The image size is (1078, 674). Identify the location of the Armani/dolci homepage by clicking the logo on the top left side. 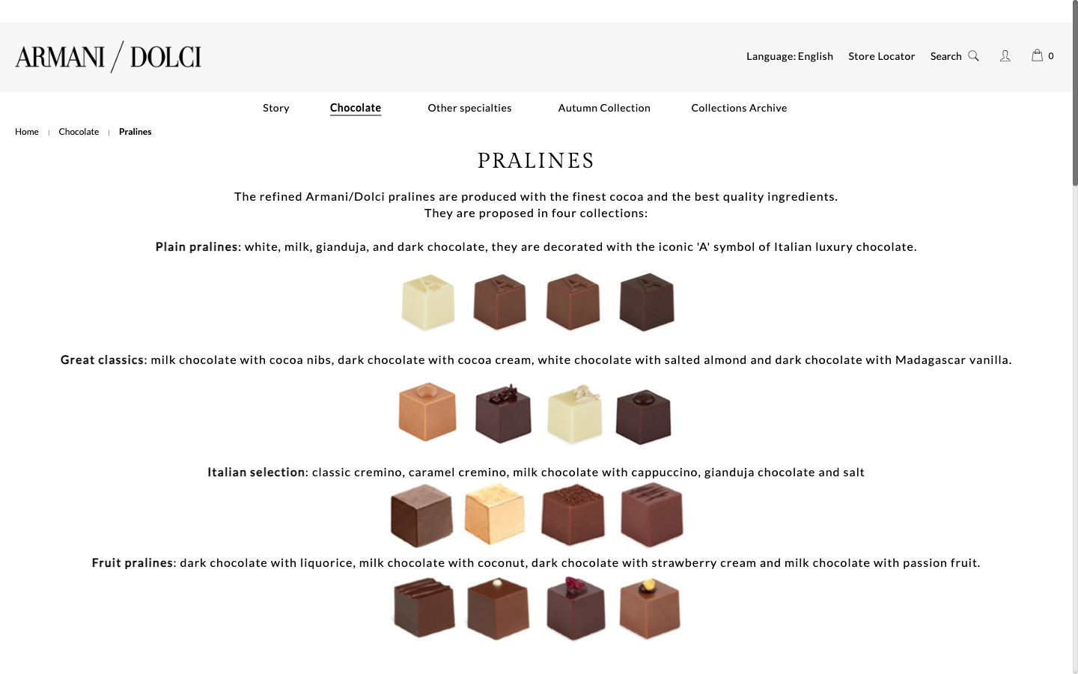
(108, 55).